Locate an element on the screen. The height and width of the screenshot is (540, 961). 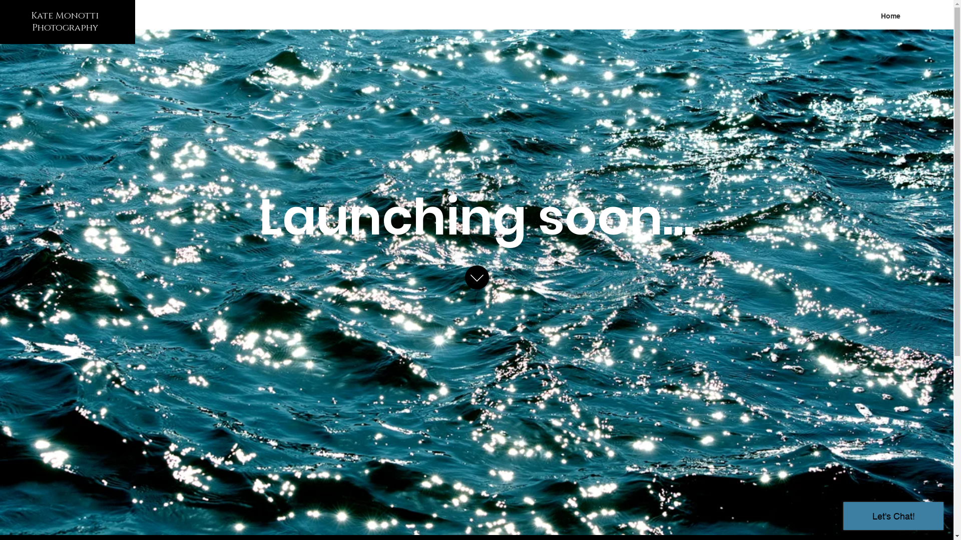
'Home' is located at coordinates (890, 16).